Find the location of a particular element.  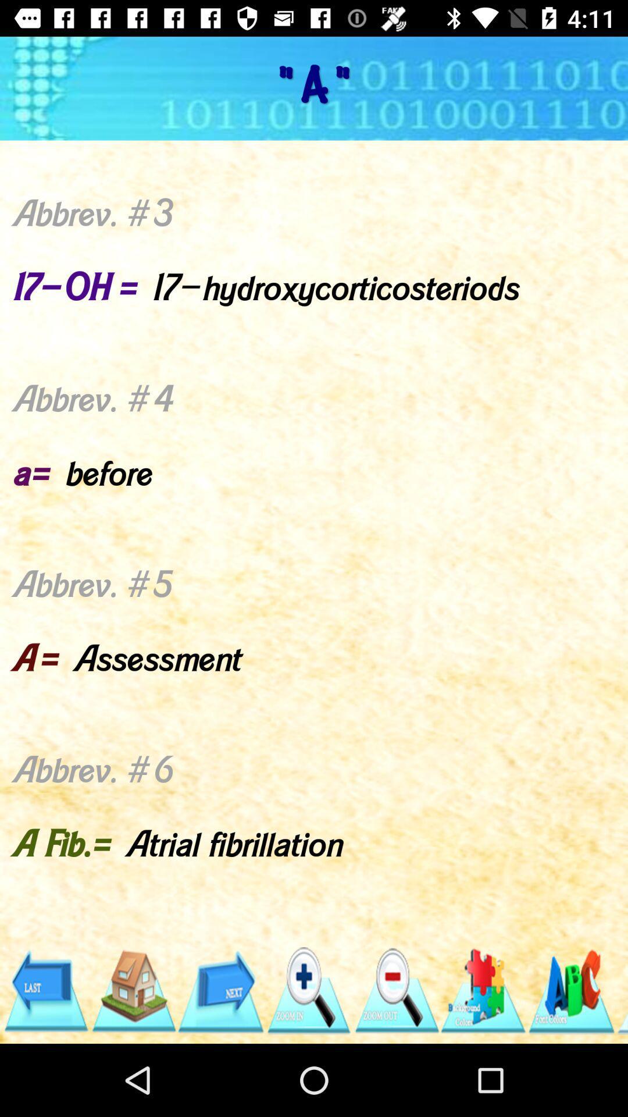

decrease magnification is located at coordinates (395, 990).